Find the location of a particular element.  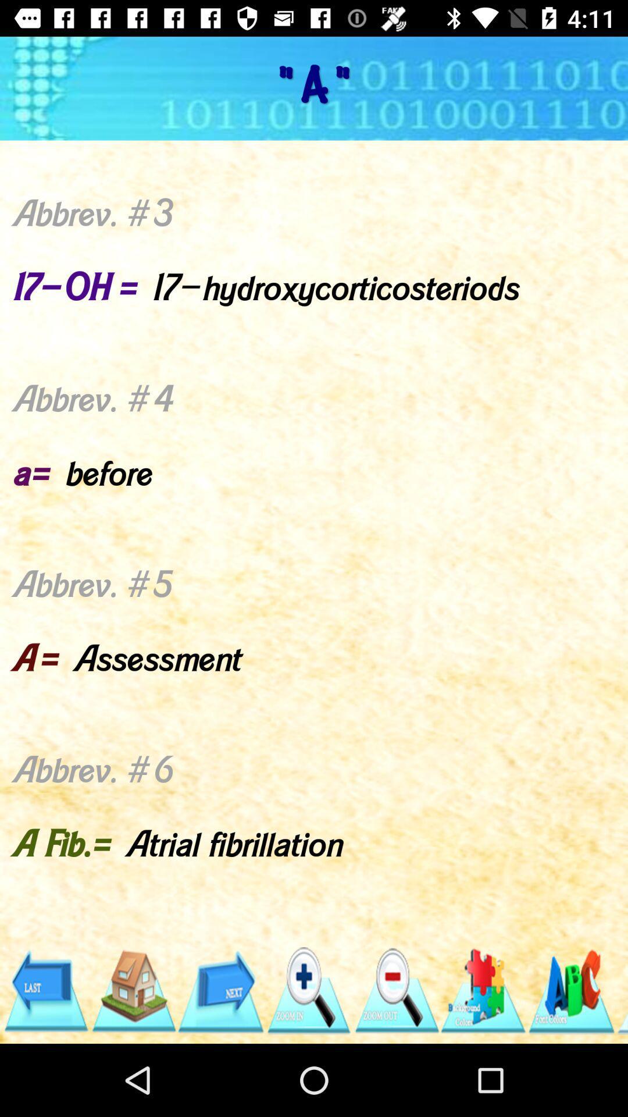

decrease magnification is located at coordinates (395, 990).